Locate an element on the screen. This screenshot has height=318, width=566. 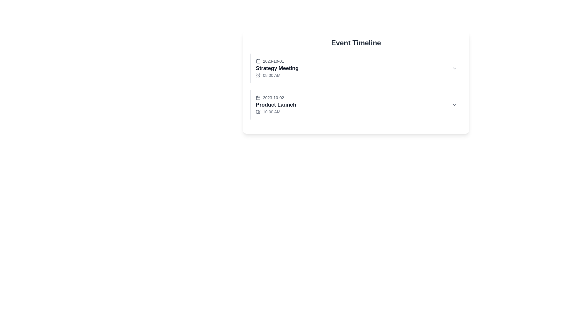
scheduled time information (08:00 AM) displayed in the text label below the 'Strategy Meeting' title in the event timeline is located at coordinates (277, 75).